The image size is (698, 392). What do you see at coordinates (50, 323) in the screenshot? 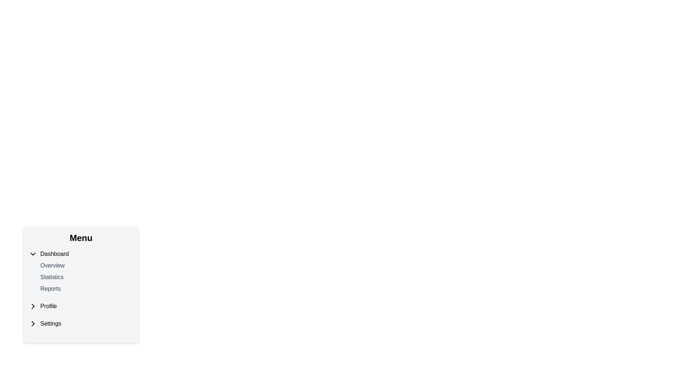
I see `the 'Settings' static text label` at bounding box center [50, 323].